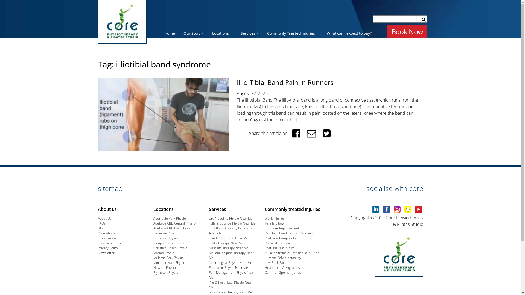 The width and height of the screenshot is (525, 295). I want to click on 'Beverley Physio', so click(165, 233).